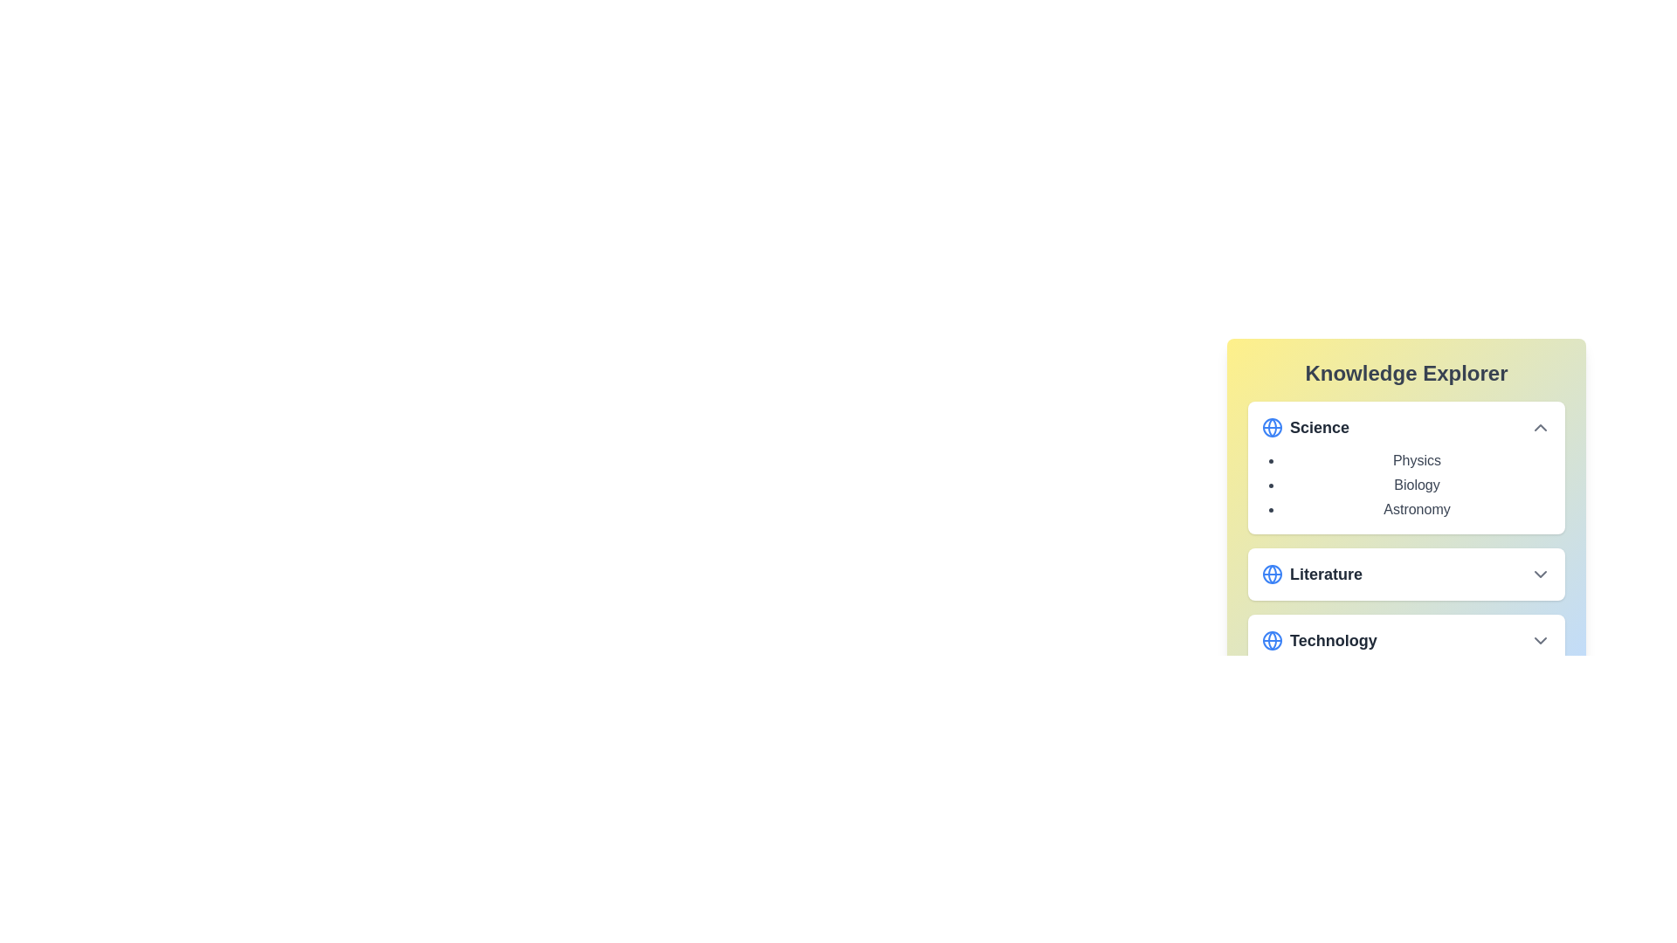 This screenshot has height=943, width=1677. I want to click on the header of the component labeled 'Knowledge Explorer', so click(1406, 373).